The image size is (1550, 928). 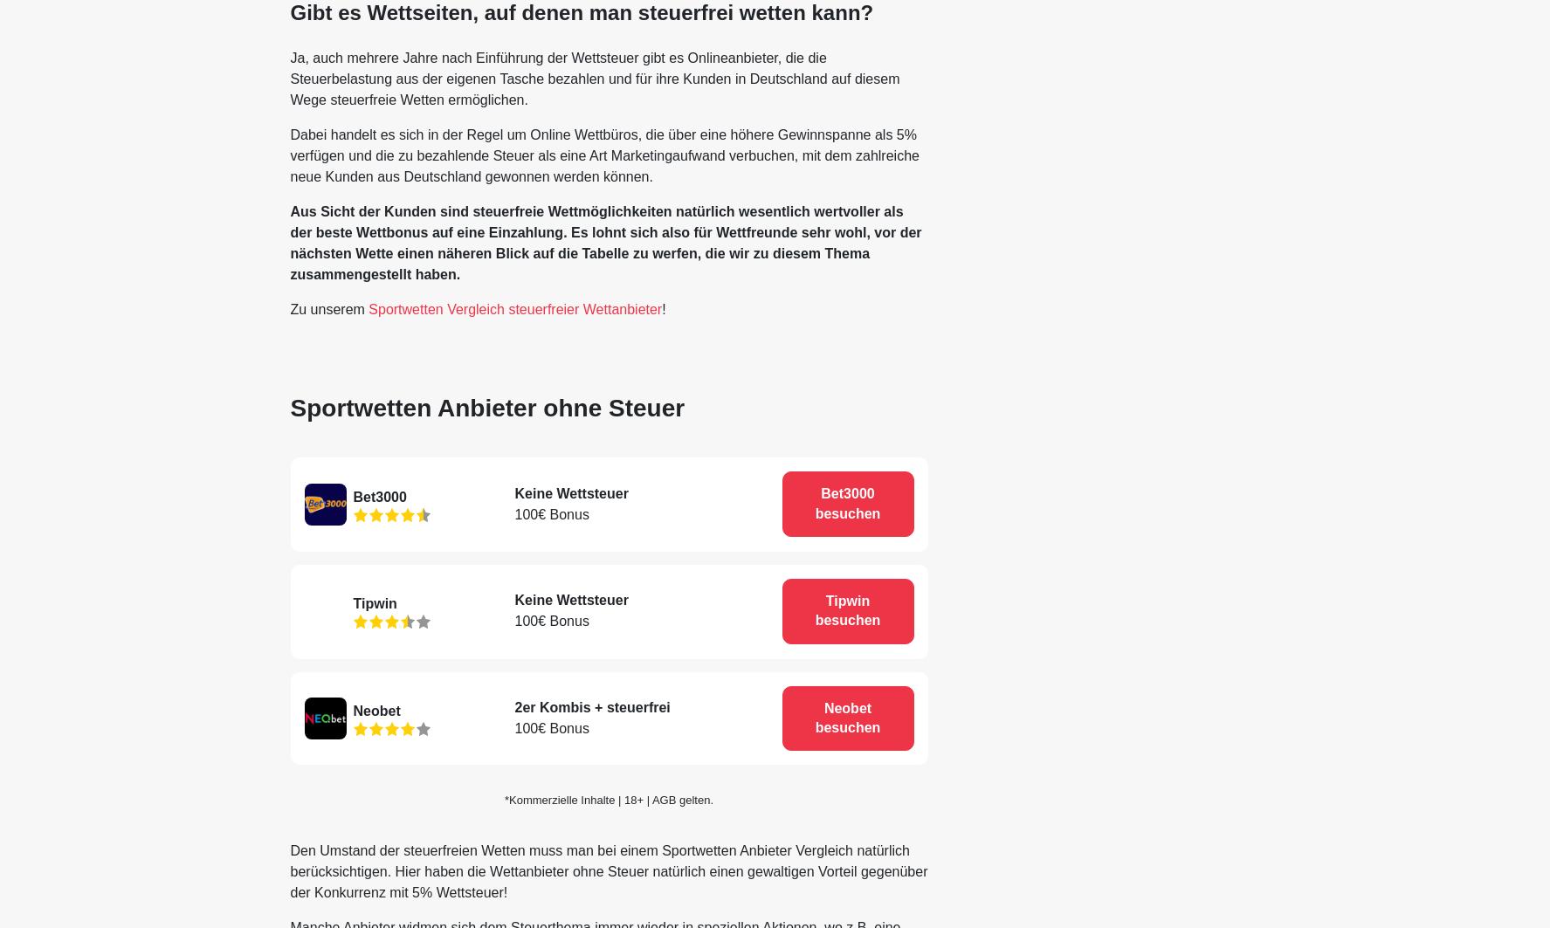 What do you see at coordinates (486, 407) in the screenshot?
I see `'Sportwetten Anbieter ohne Steuer'` at bounding box center [486, 407].